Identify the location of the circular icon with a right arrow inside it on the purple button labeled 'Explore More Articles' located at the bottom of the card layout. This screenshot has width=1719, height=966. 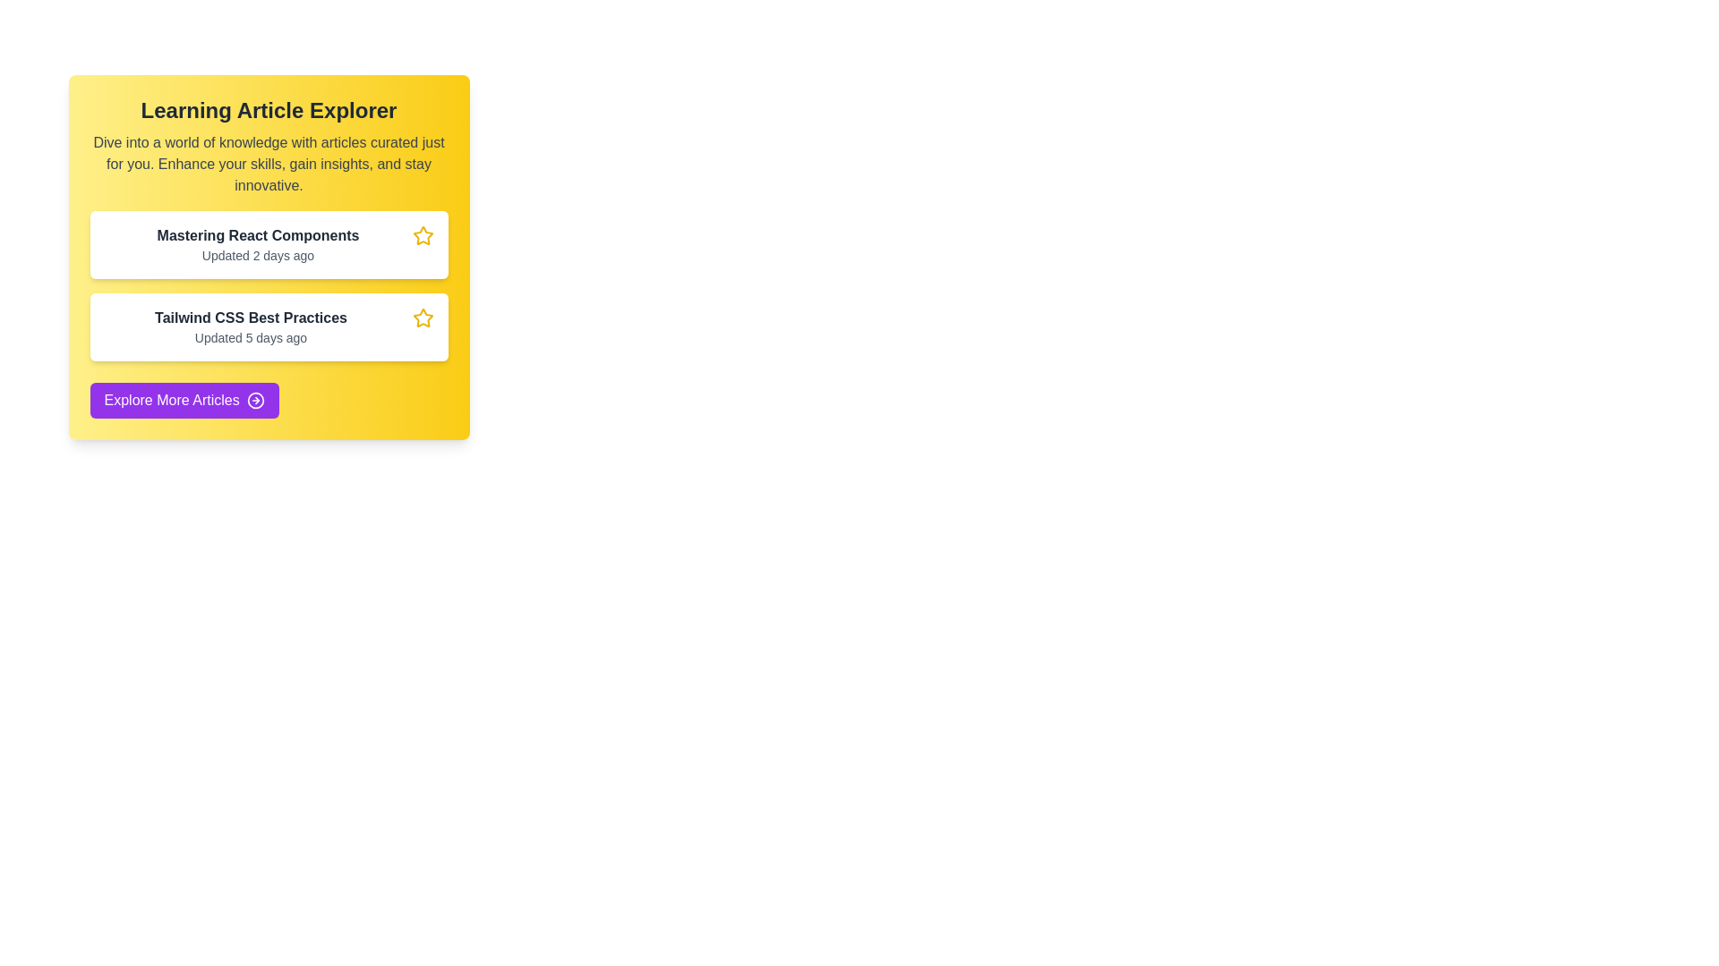
(254, 399).